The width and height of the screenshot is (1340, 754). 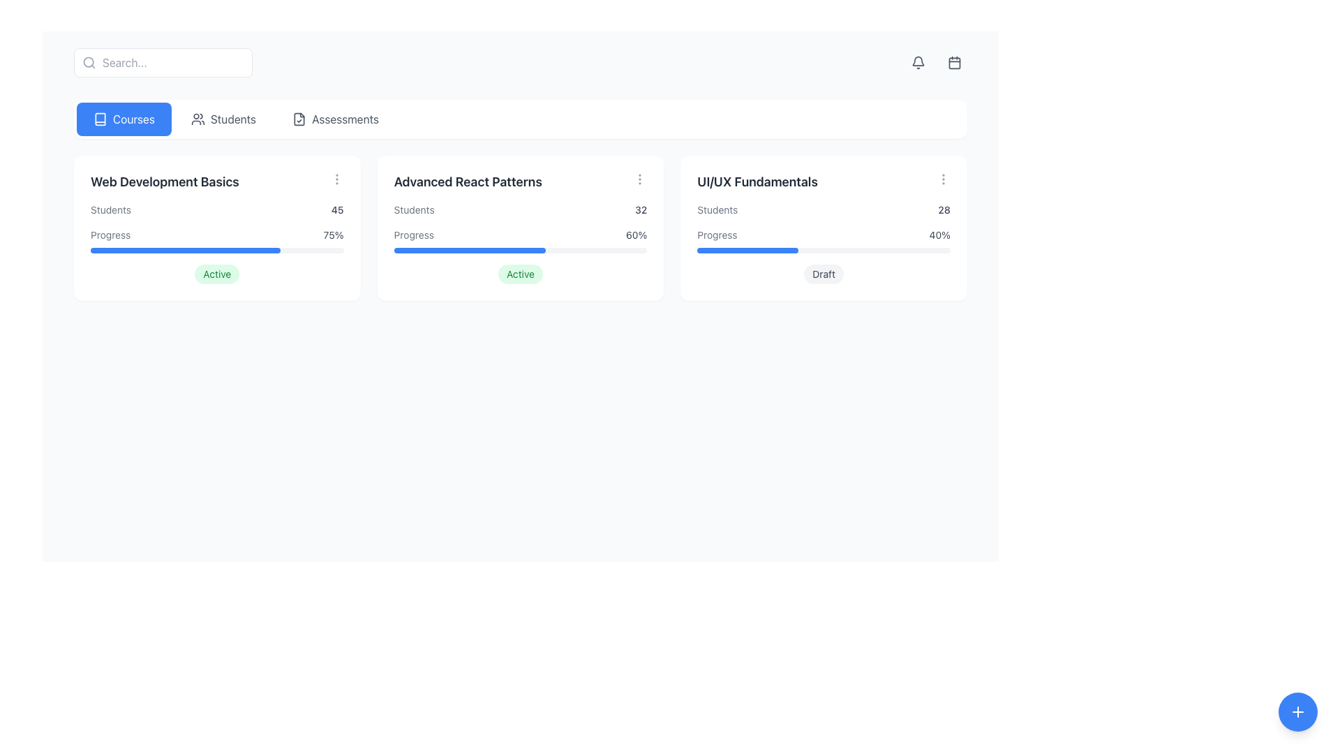 I want to click on the text label displaying '28' that is styled in dark gray and appears alongside 'Students' within the 'UI/UX Fundamentals' card in the third column, so click(x=944, y=209).